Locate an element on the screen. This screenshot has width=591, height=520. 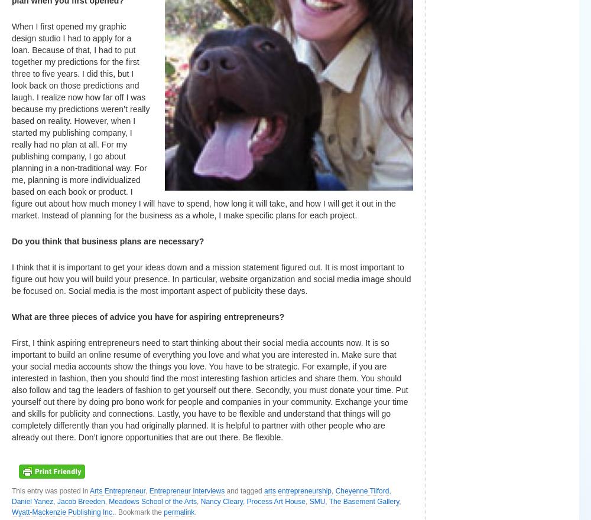
'SMU' is located at coordinates (317, 501).